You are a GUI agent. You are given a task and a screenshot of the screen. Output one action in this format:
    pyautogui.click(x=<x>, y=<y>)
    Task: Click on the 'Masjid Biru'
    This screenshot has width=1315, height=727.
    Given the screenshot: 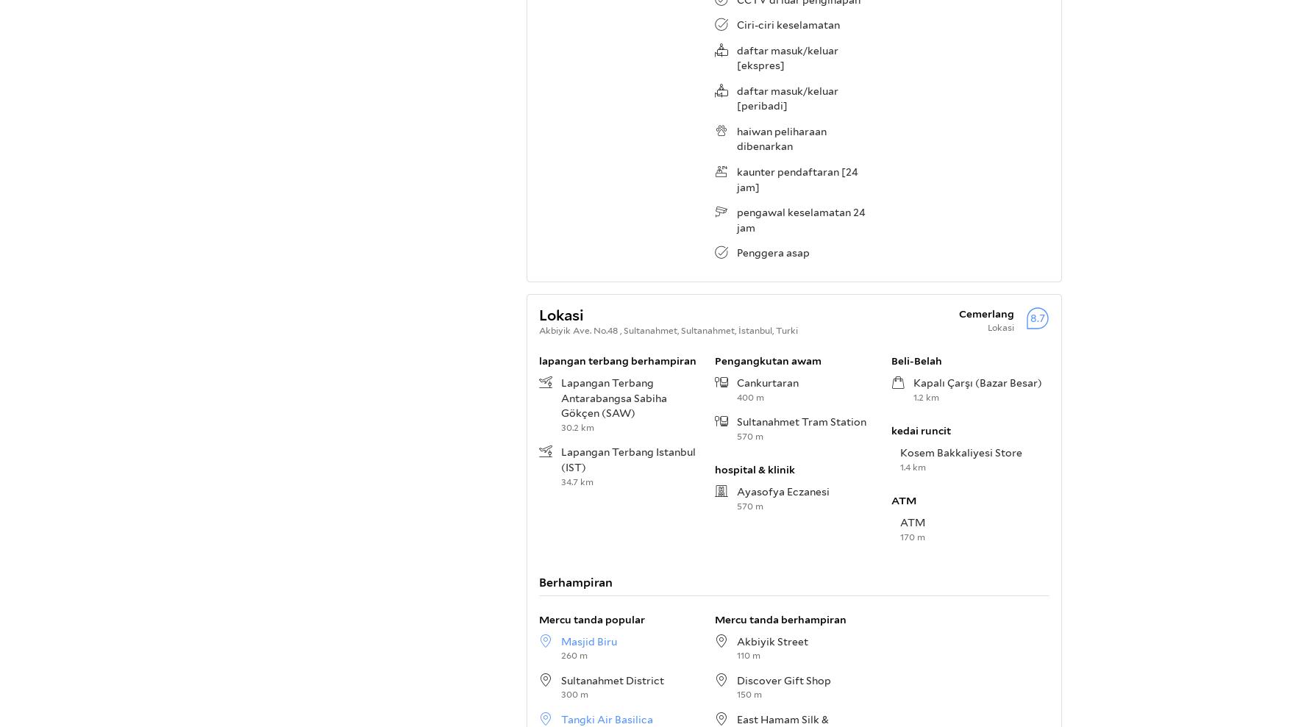 What is the action you would take?
    pyautogui.click(x=588, y=641)
    